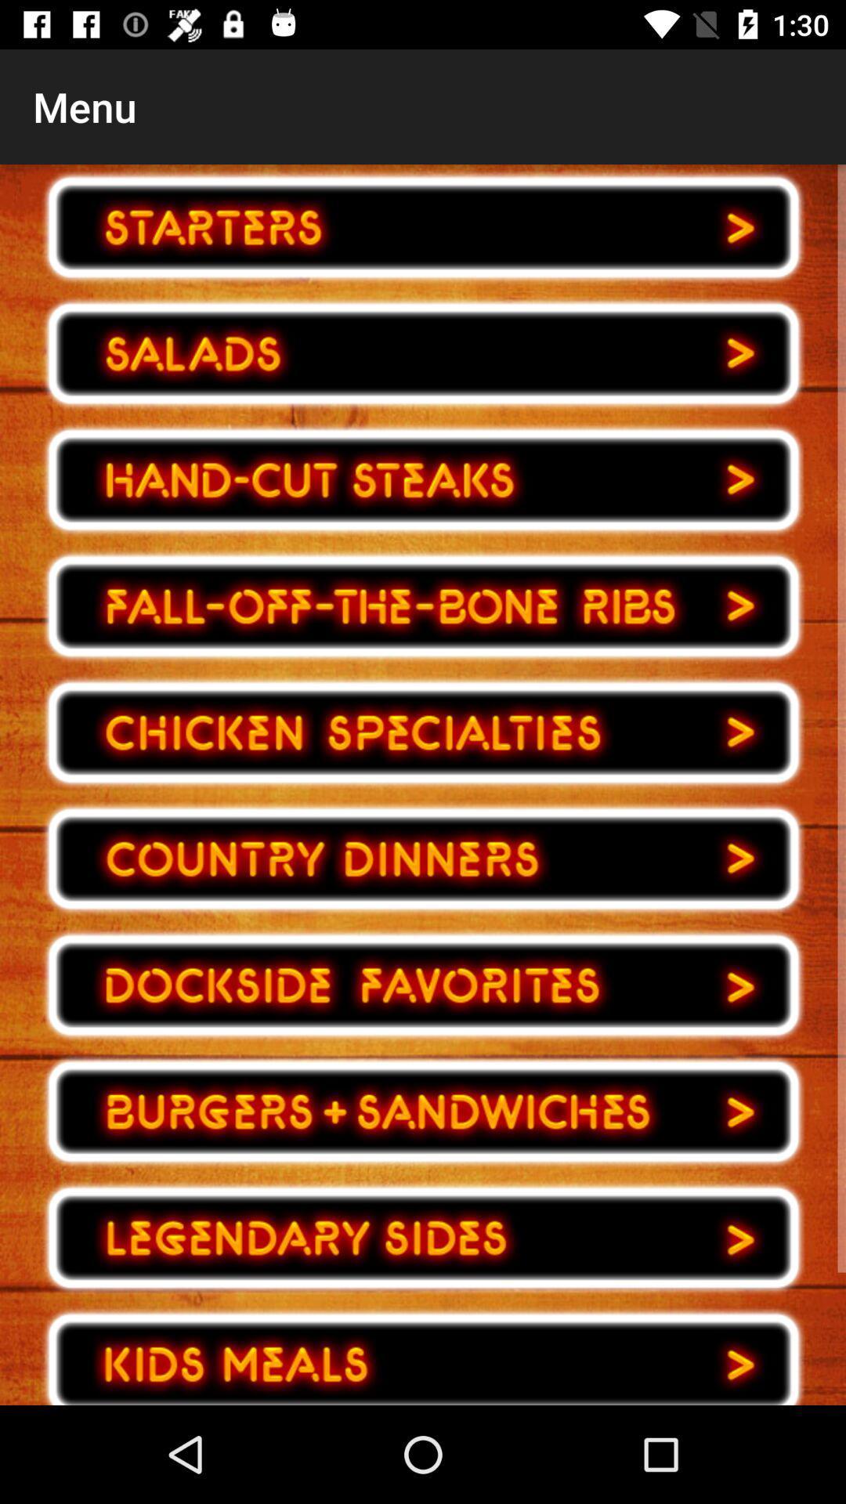  Describe the element at coordinates (423, 352) in the screenshot. I see `option` at that location.